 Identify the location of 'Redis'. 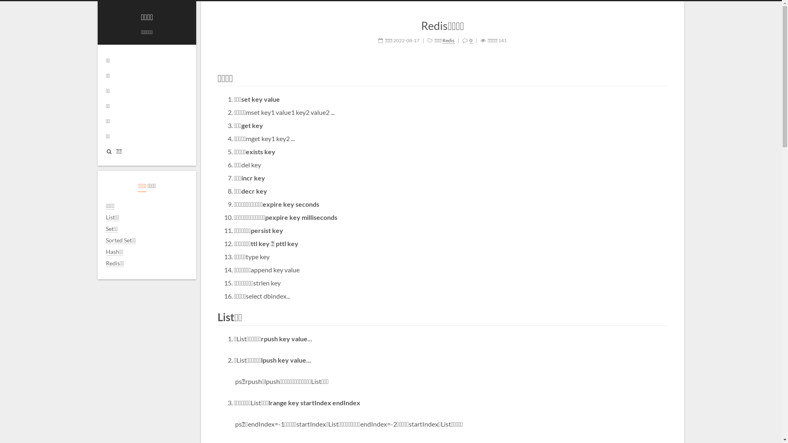
(442, 41).